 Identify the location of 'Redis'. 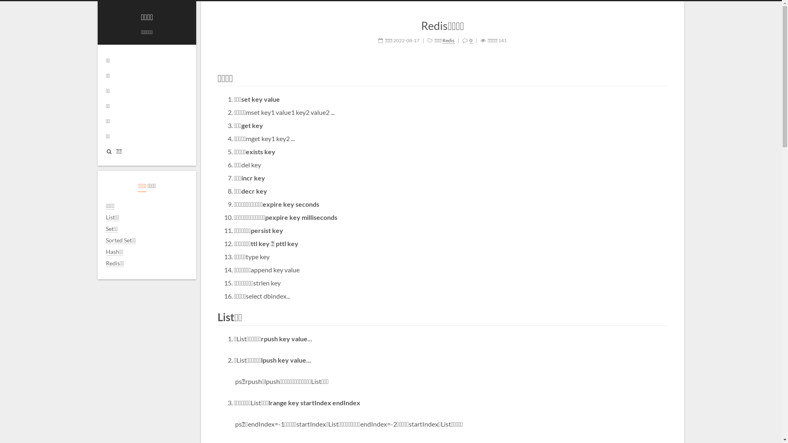
(442, 41).